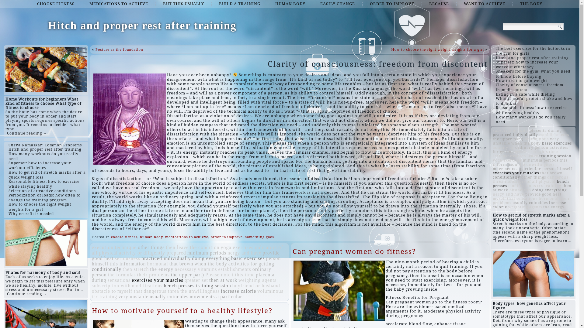 The width and height of the screenshot is (584, 328). I want to click on 'then leave', so click(177, 247).